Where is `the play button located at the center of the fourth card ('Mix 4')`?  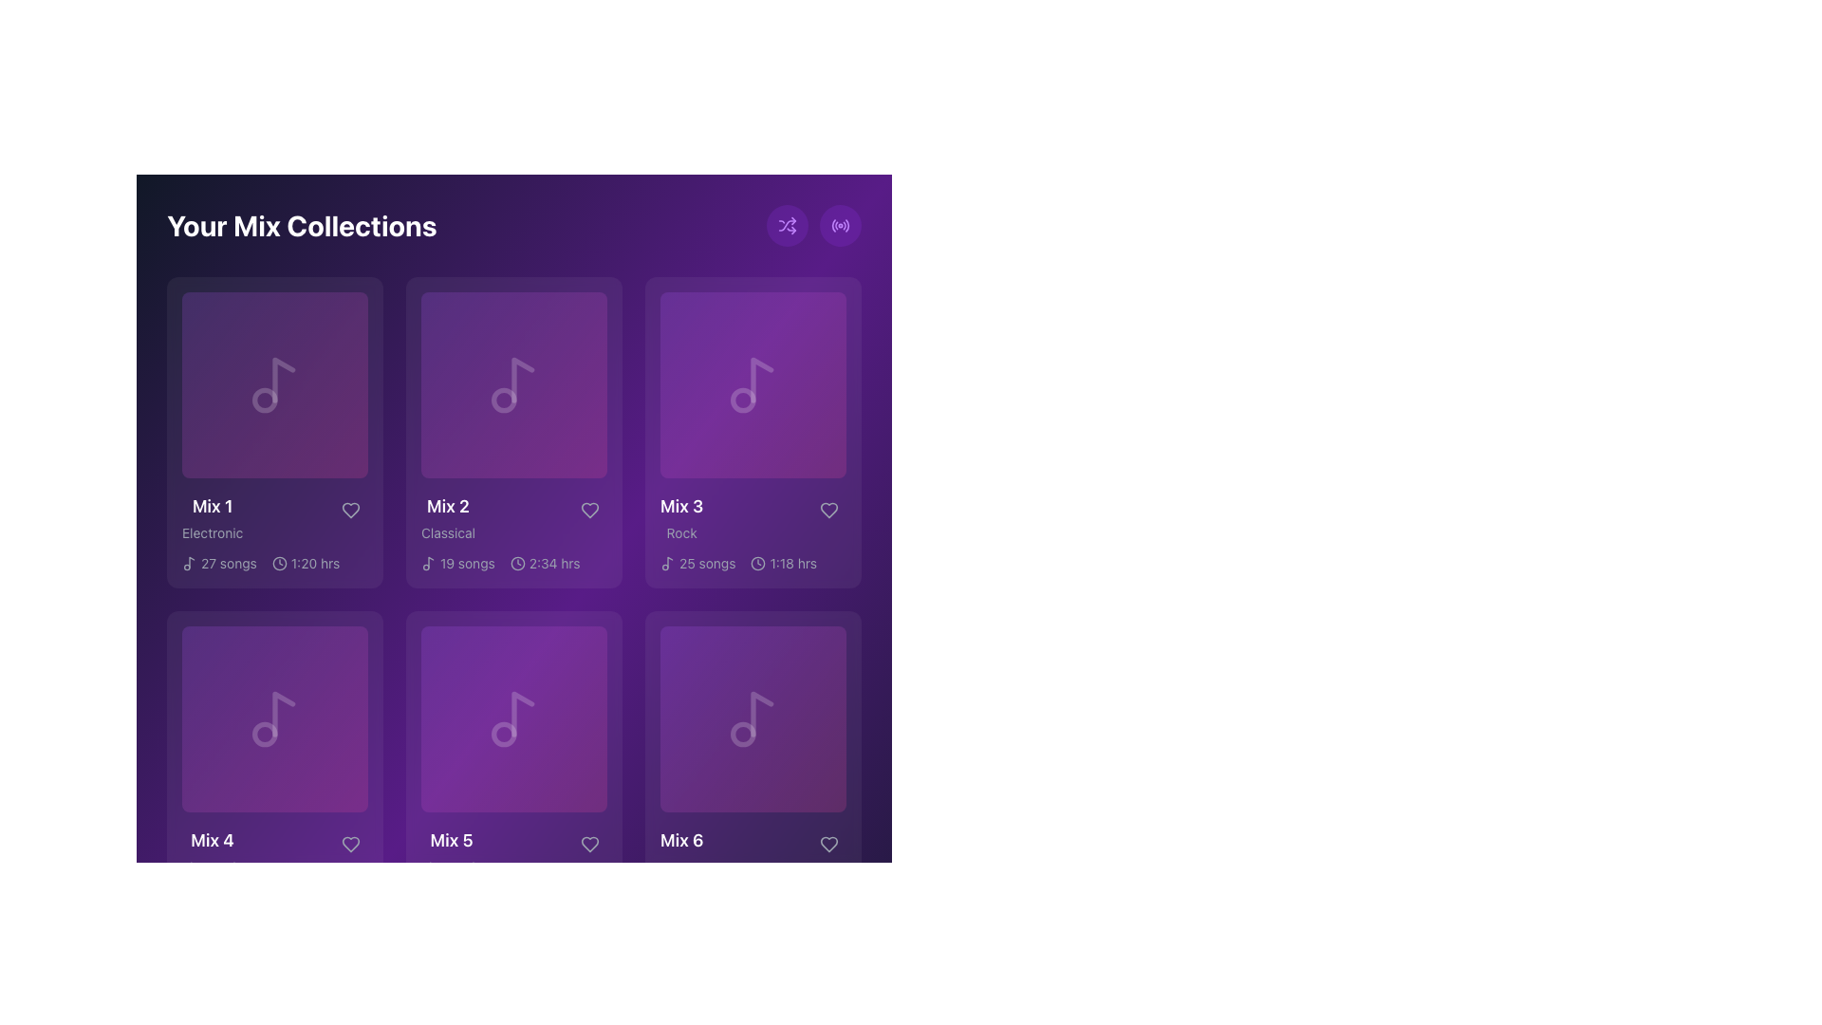 the play button located at the center of the fourth card ('Mix 4') is located at coordinates (273, 719).